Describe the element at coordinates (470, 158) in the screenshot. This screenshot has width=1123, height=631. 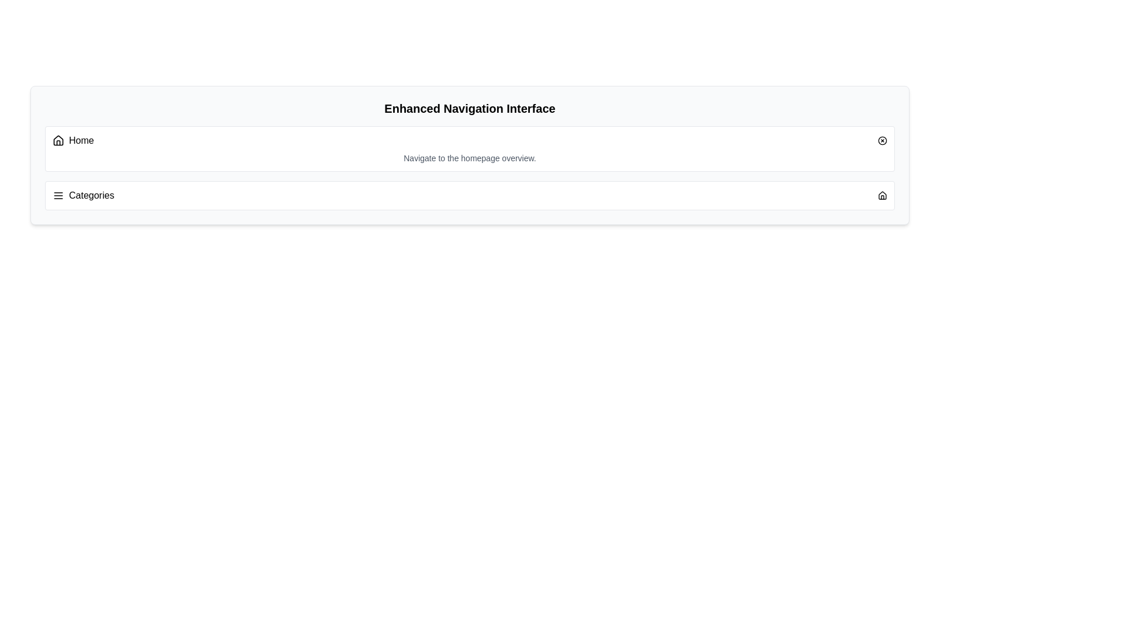
I see `the descriptive text guiding users about the 'Home' link, which is located below the 'Home' label in the upper part of the interface` at that location.